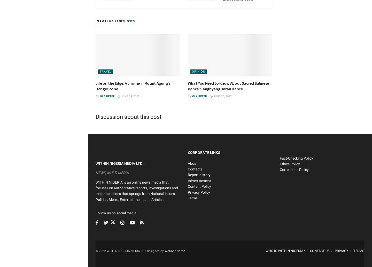 The width and height of the screenshot is (372, 267). I want to click on 'CONTACT US', so click(310, 250).